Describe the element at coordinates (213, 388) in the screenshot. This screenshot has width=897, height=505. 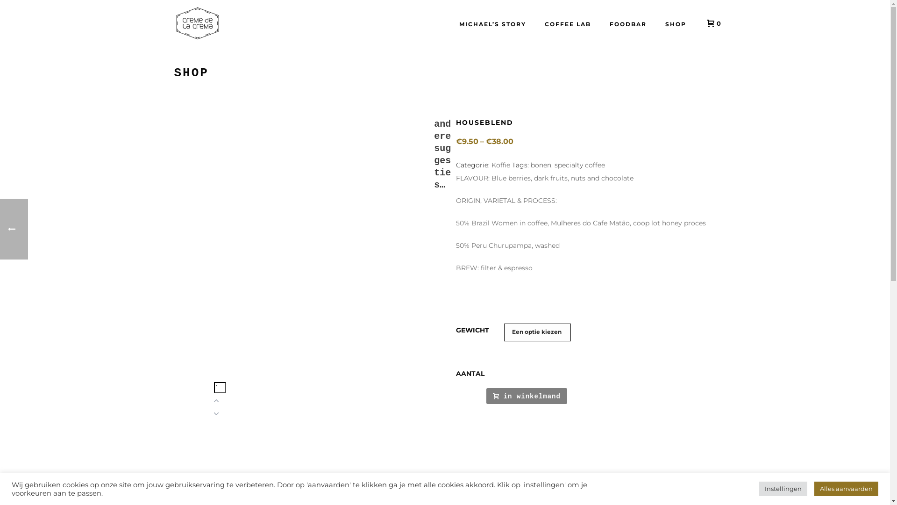
I see `'Aantal'` at that location.